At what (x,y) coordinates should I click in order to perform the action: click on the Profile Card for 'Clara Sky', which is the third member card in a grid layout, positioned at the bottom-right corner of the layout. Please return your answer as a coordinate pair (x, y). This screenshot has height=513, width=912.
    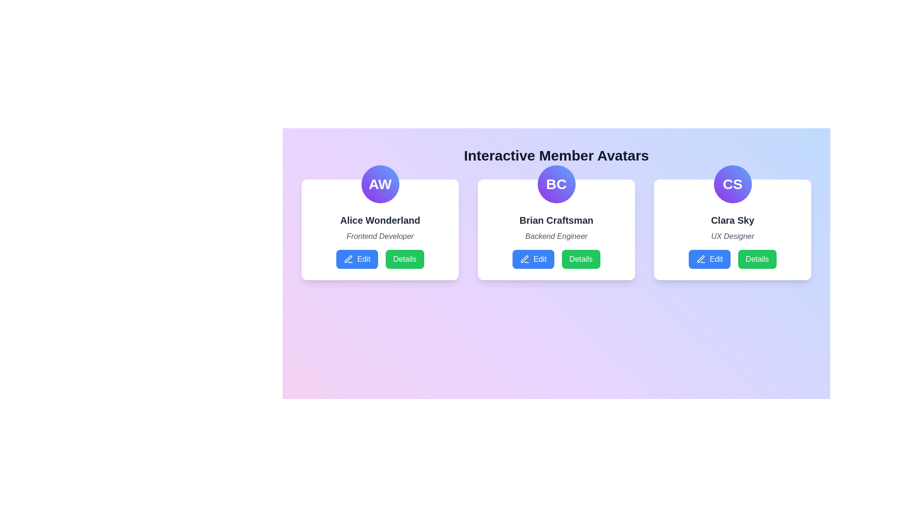
    Looking at the image, I should click on (732, 229).